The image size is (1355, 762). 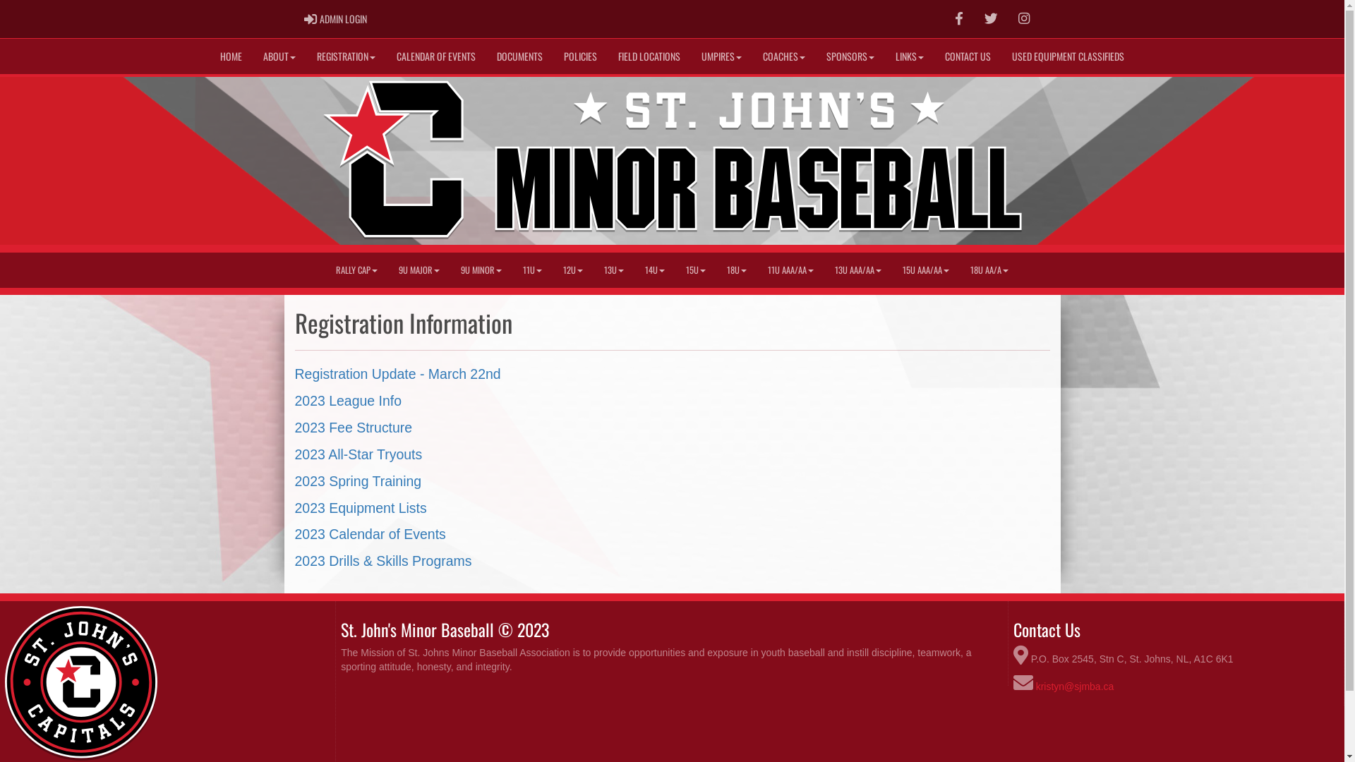 What do you see at coordinates (349, 400) in the screenshot?
I see `'2023 League Info'` at bounding box center [349, 400].